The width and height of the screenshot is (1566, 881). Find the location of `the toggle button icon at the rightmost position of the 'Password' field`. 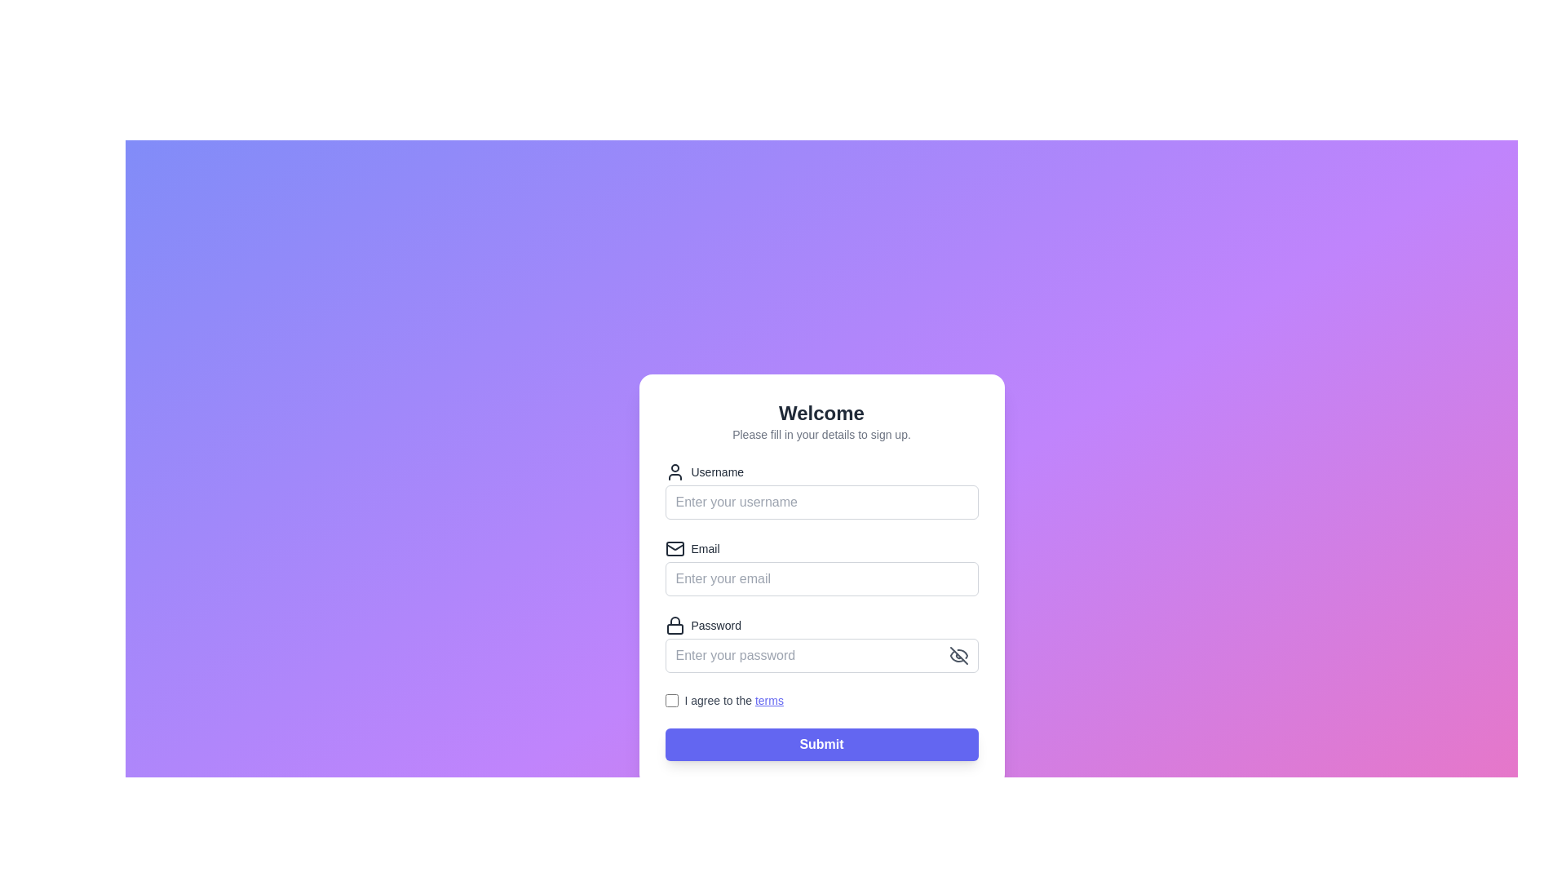

the toggle button icon at the rightmost position of the 'Password' field is located at coordinates (958, 654).